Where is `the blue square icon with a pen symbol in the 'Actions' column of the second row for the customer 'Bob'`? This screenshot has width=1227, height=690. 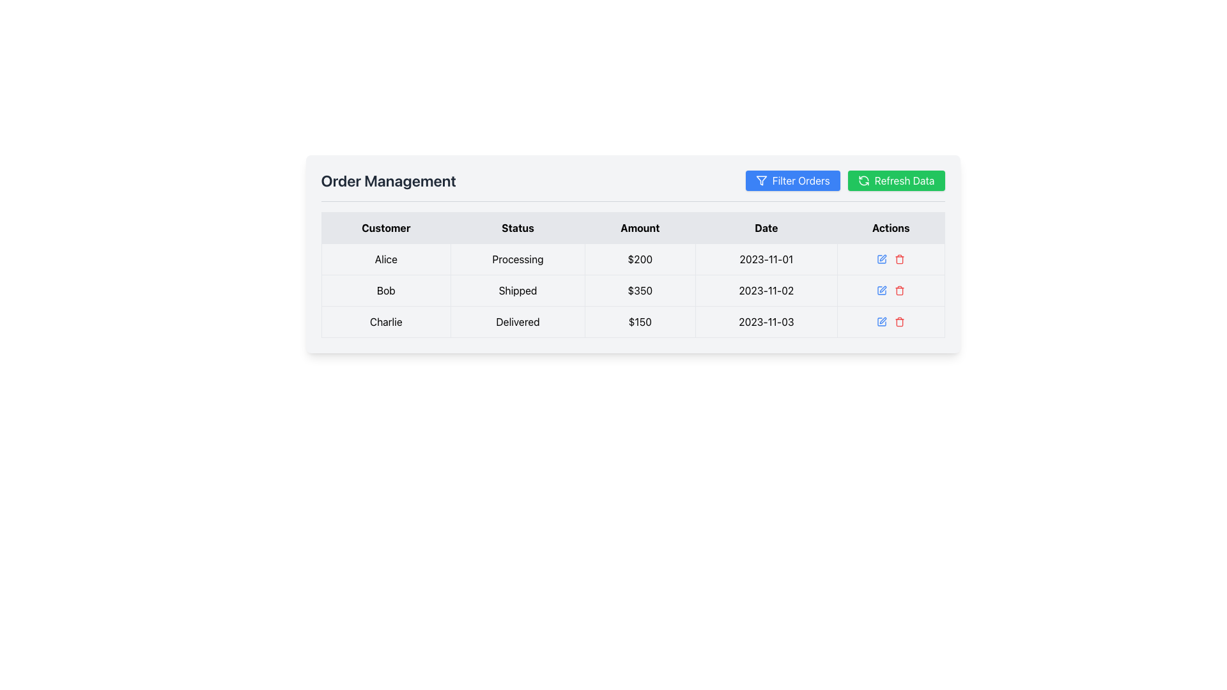 the blue square icon with a pen symbol in the 'Actions' column of the second row for the customer 'Bob' is located at coordinates (881, 259).